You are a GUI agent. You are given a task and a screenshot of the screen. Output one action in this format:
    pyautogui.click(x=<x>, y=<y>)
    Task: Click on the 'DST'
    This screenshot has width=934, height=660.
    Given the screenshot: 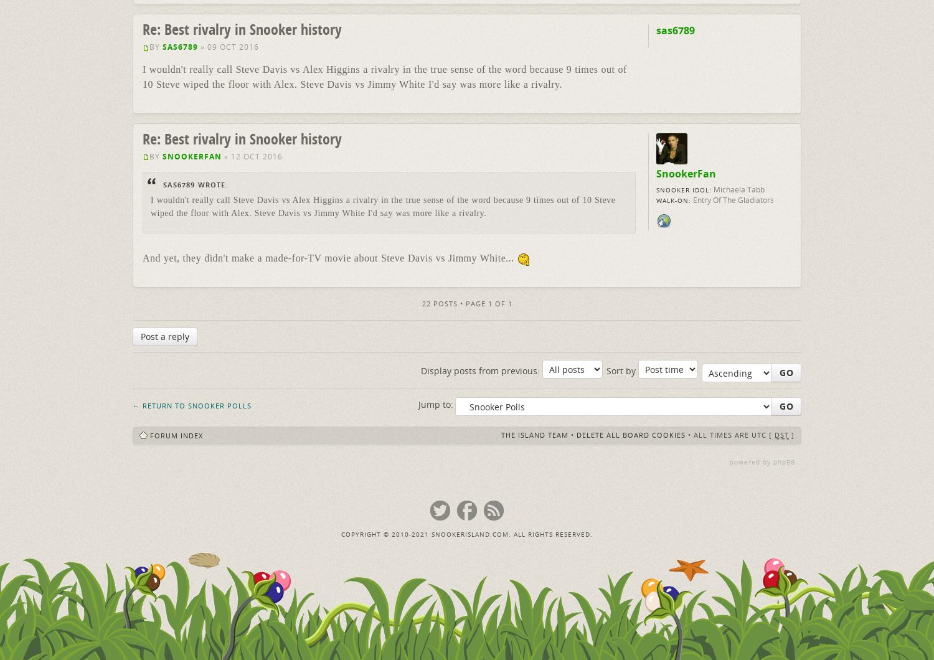 What is the action you would take?
    pyautogui.click(x=781, y=433)
    